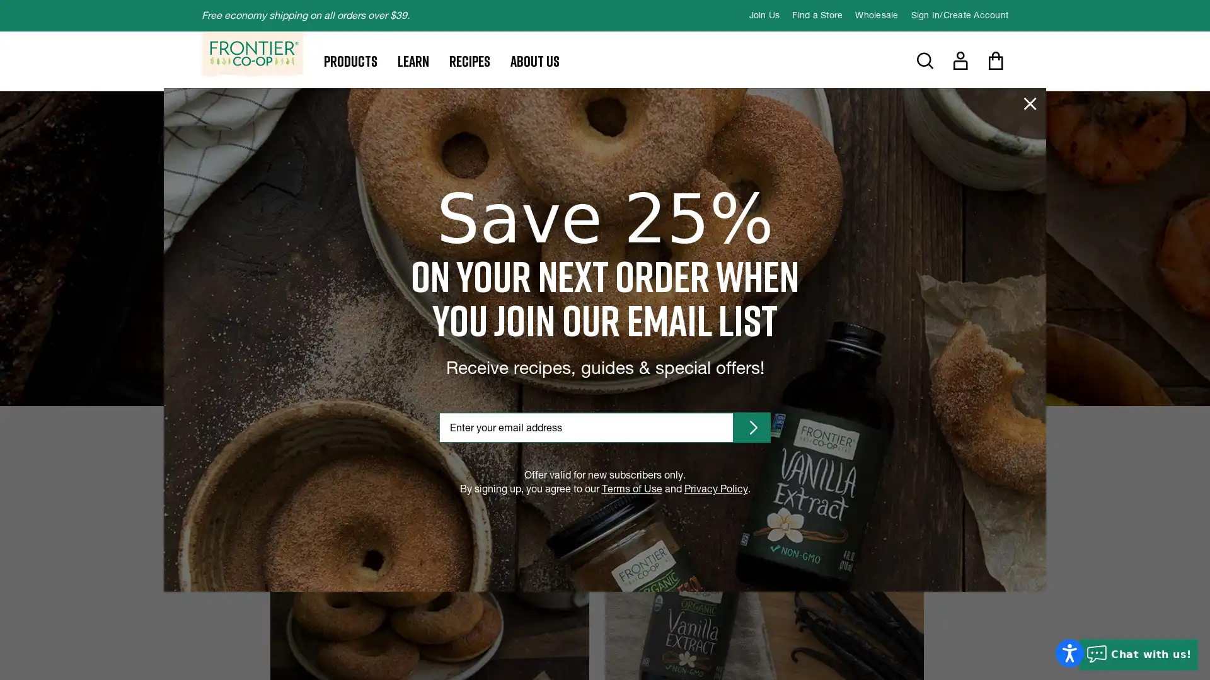 This screenshot has width=1210, height=680. Describe the element at coordinates (350, 60) in the screenshot. I see `Products` at that location.